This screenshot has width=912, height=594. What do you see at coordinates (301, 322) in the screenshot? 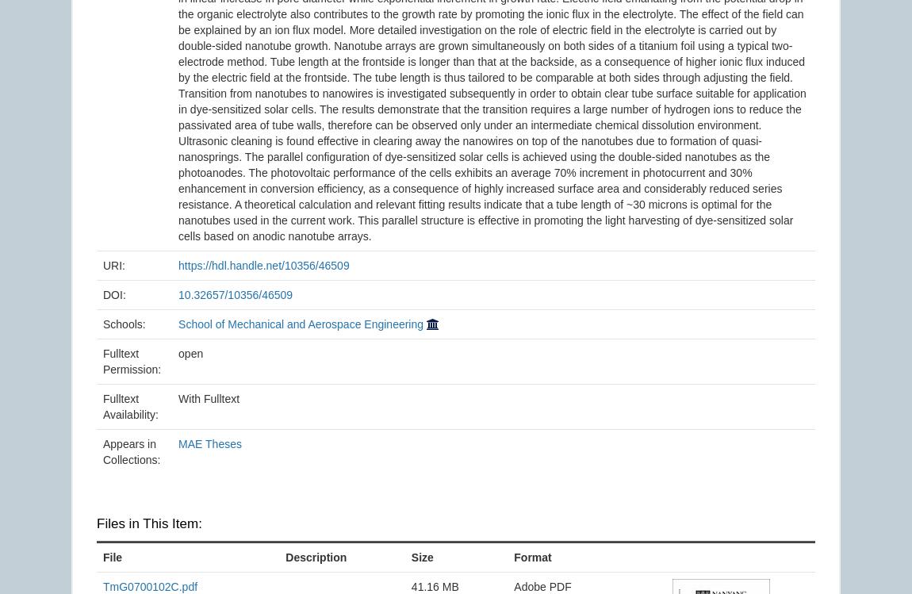
I see `'School of Mechanical and Aerospace Engineering'` at bounding box center [301, 322].